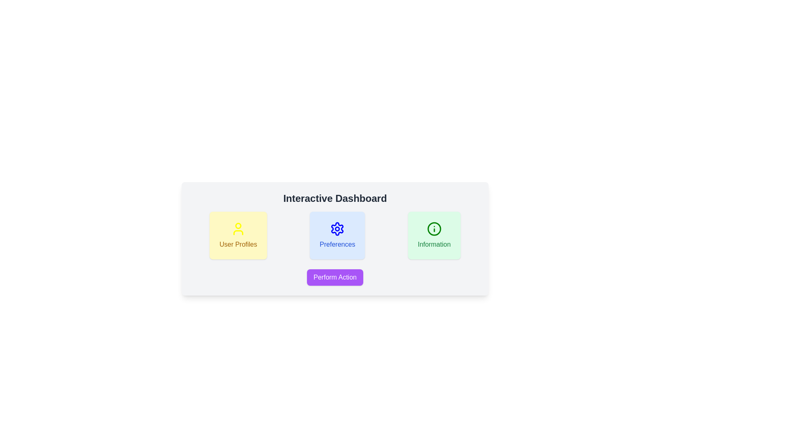 The height and width of the screenshot is (444, 789). Describe the element at coordinates (238, 229) in the screenshot. I see `the yellow-outlined SVG user profile icon located within the 'User Profiles' section on the left side of the dashboard` at that location.